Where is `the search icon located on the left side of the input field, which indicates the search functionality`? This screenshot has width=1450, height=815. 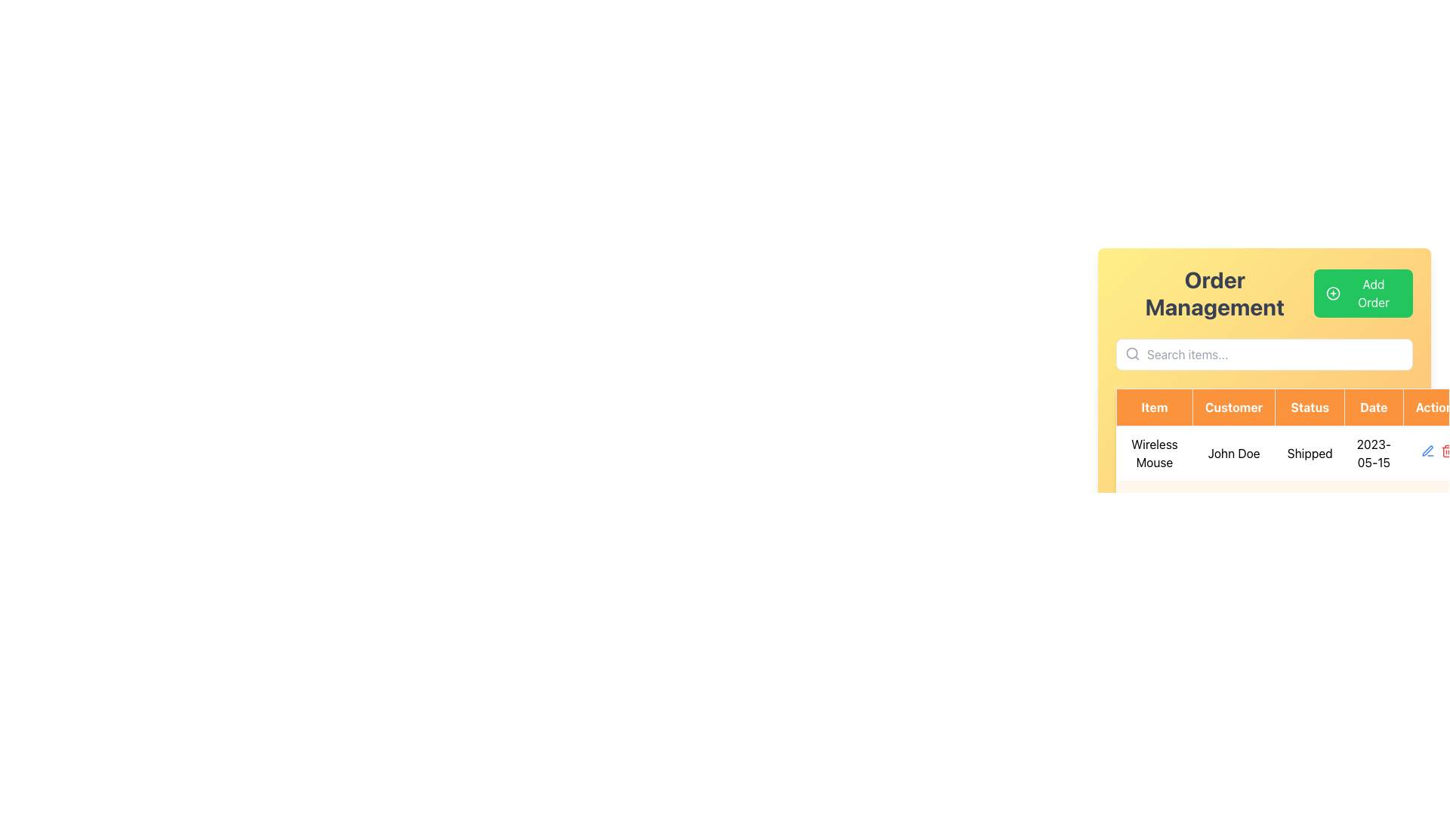
the search icon located on the left side of the input field, which indicates the search functionality is located at coordinates (1132, 354).